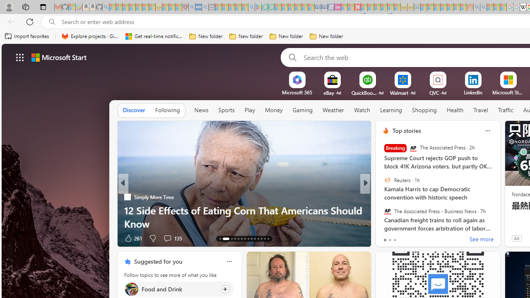  I want to click on 'AutomationID: tab-19', so click(245, 239).